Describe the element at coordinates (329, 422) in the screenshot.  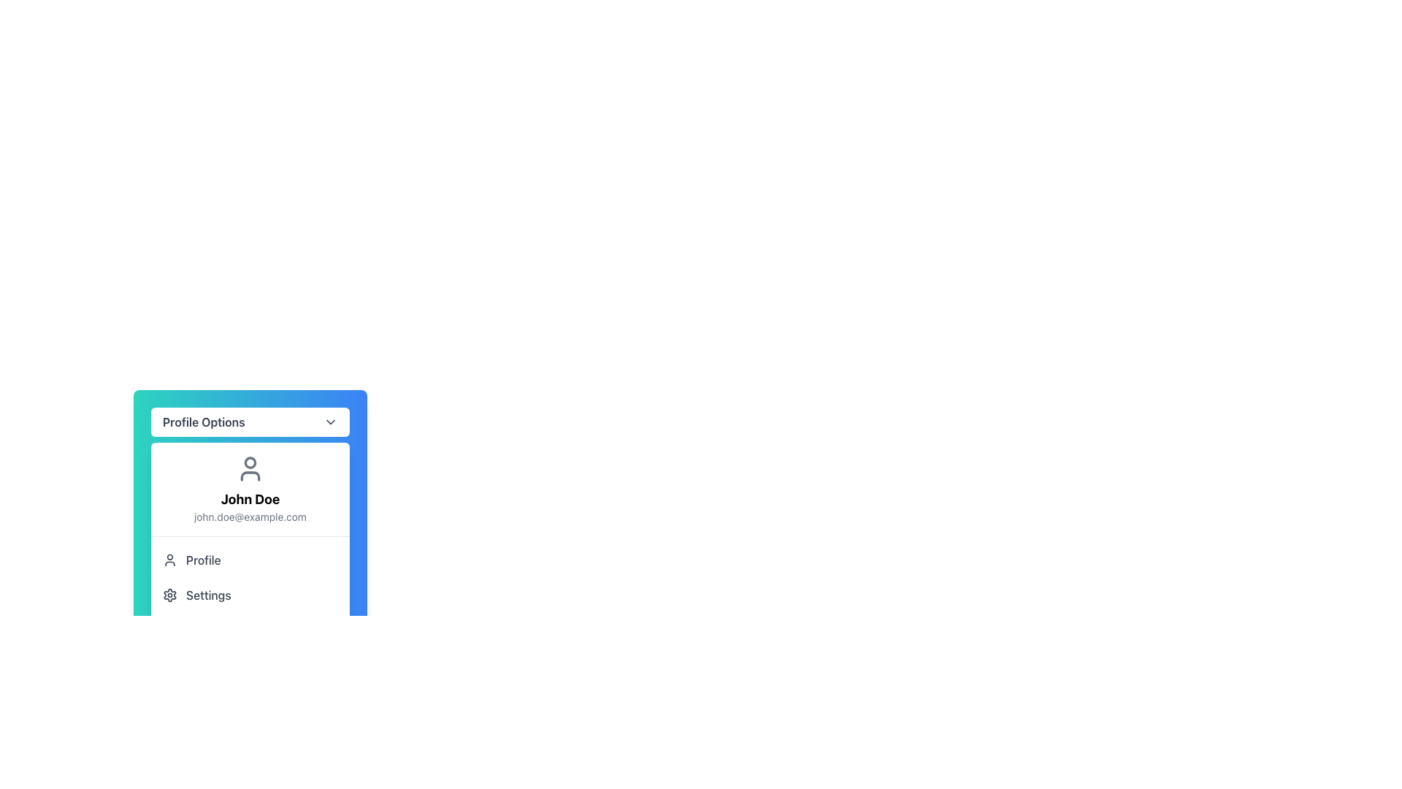
I see `the downward-pointing chevron icon located to the right of the 'Profile Options' button` at that location.